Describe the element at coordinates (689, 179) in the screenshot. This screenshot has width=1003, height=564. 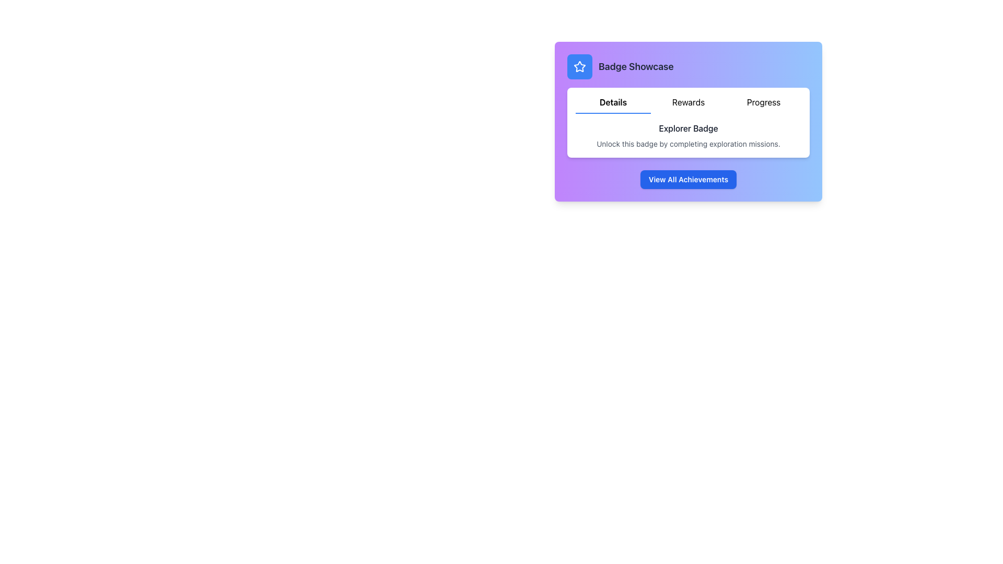
I see `the 'View All Achievements' button with a blue background and white text to enable keyboard interaction` at that location.